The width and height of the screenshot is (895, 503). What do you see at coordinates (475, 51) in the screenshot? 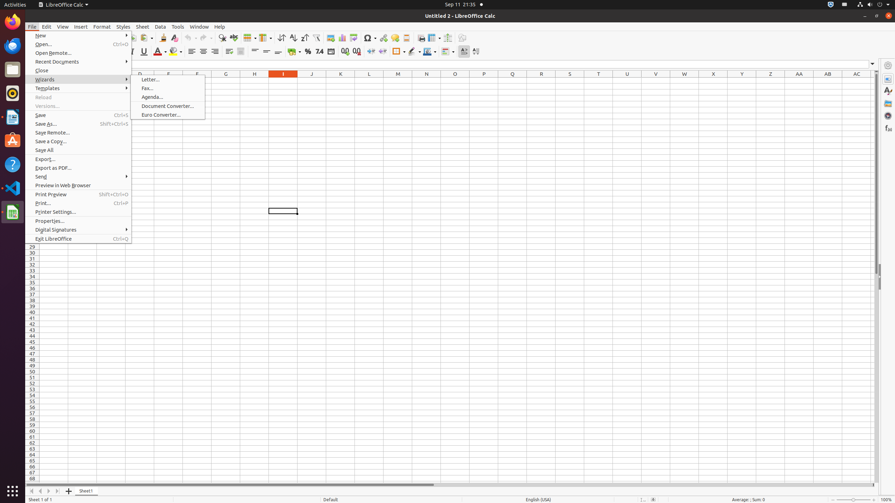
I see `'Text direction from top to bottom'` at bounding box center [475, 51].